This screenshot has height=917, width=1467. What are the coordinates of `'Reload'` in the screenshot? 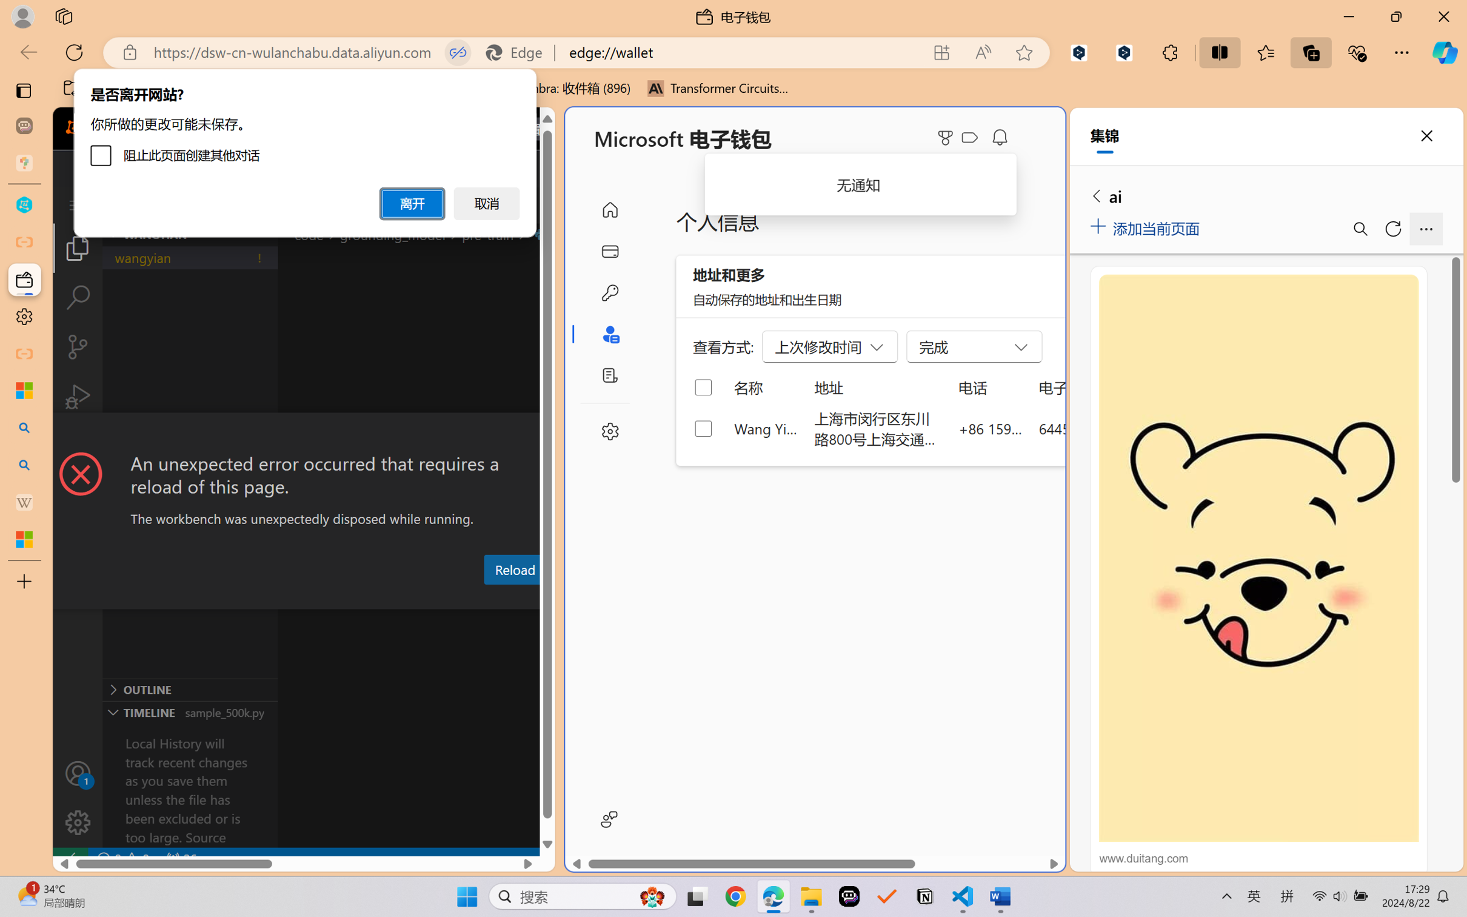 It's located at (513, 568).